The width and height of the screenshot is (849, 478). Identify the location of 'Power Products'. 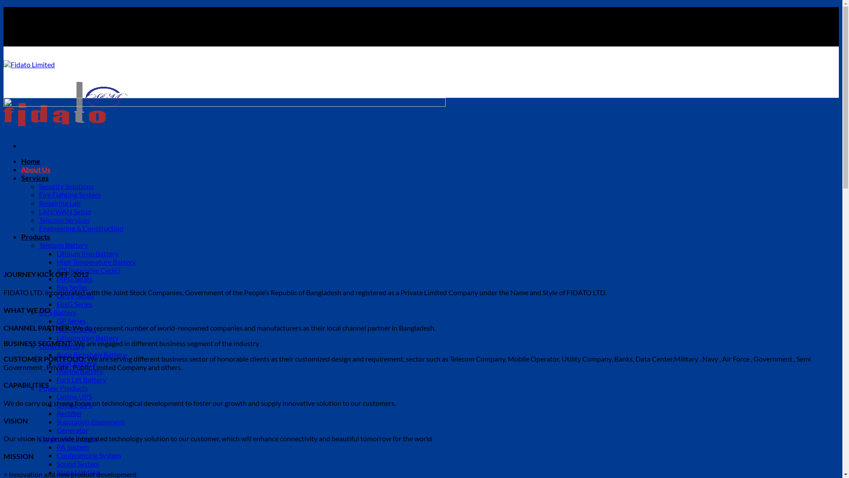
(63, 387).